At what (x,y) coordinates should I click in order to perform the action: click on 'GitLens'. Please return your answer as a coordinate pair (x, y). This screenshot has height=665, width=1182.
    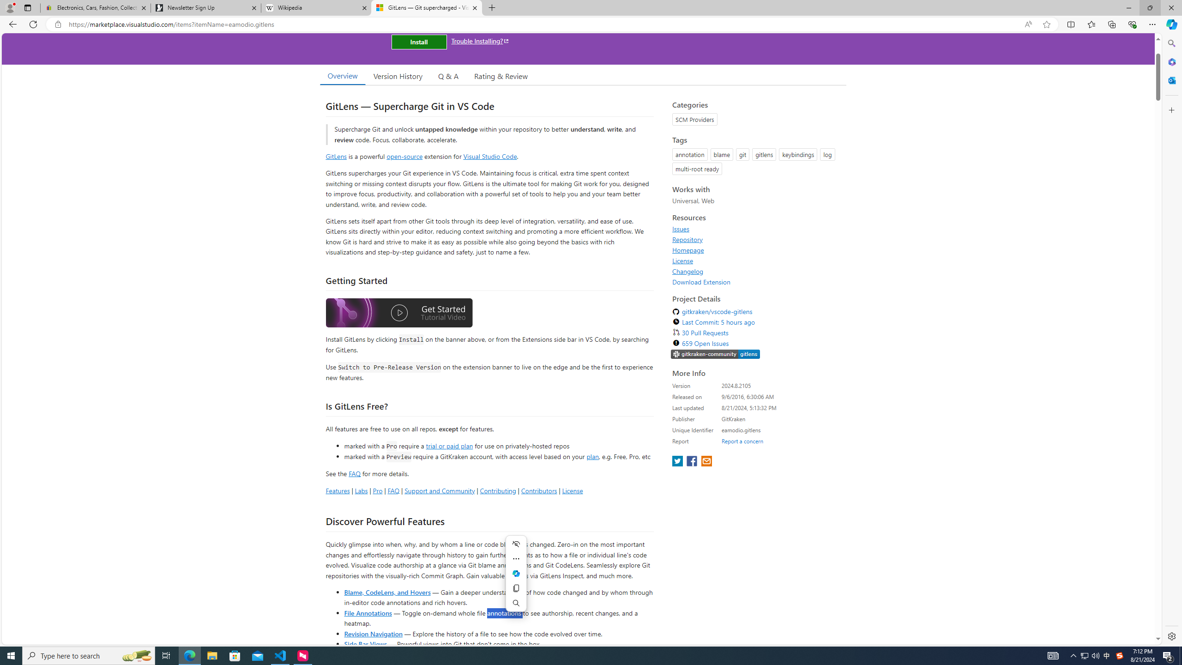
    Looking at the image, I should click on (336, 156).